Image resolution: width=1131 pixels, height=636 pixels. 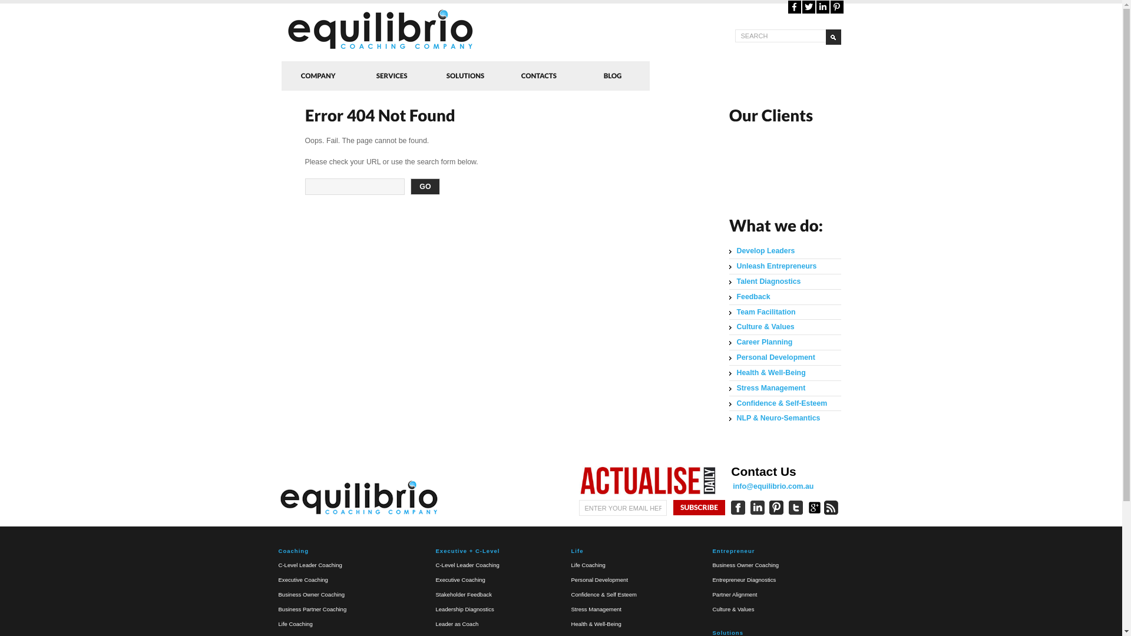 I want to click on 'Career Planning', so click(x=762, y=342).